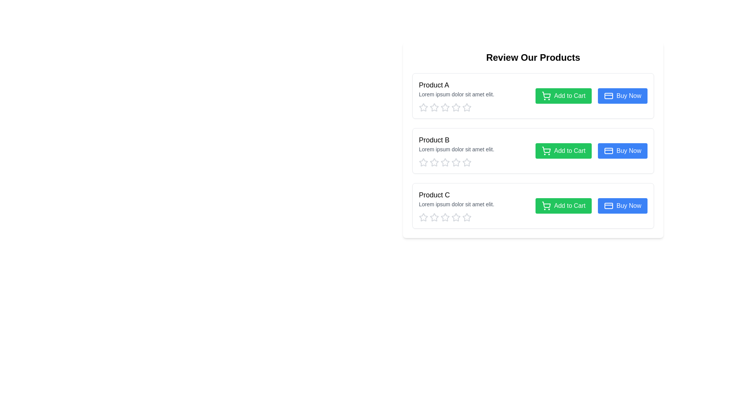 This screenshot has width=744, height=418. I want to click on the fourth star in the five-star rating scale for 'Product B', so click(466, 162).